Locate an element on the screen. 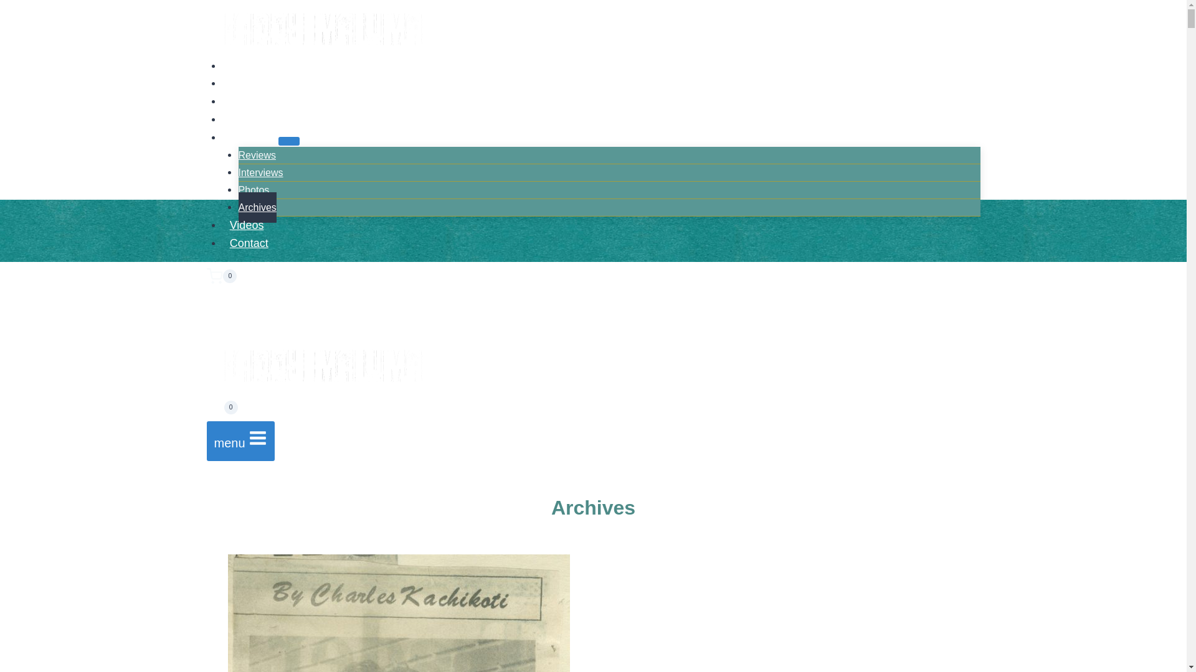  'Videos' is located at coordinates (222, 225).